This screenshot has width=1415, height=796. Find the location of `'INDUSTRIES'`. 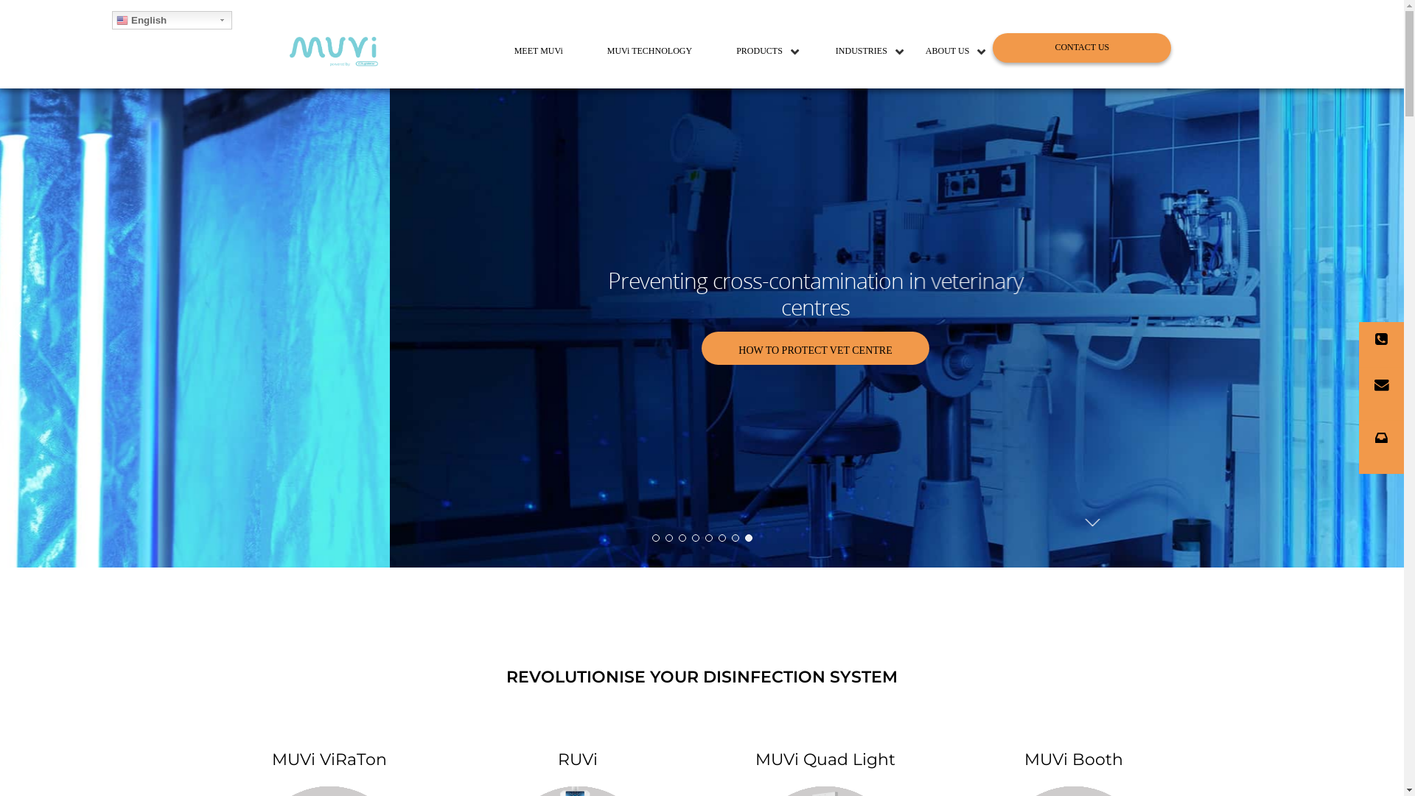

'INDUSTRIES' is located at coordinates (862, 50).